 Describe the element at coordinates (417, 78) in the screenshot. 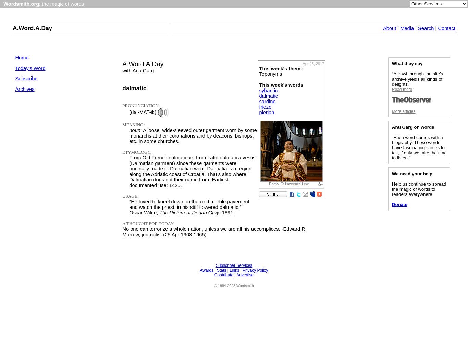

I see `'“A trawl through the site’s archive yields all kinds of delights.”'` at that location.